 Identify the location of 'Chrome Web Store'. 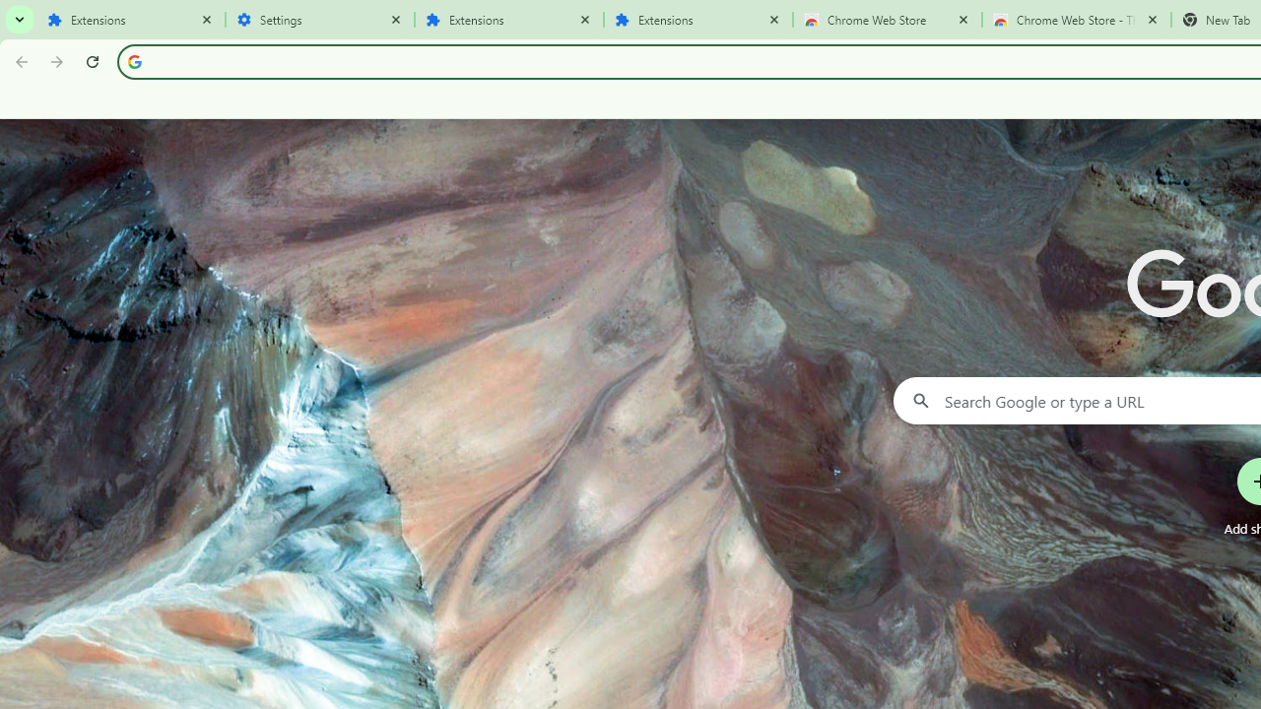
(887, 20).